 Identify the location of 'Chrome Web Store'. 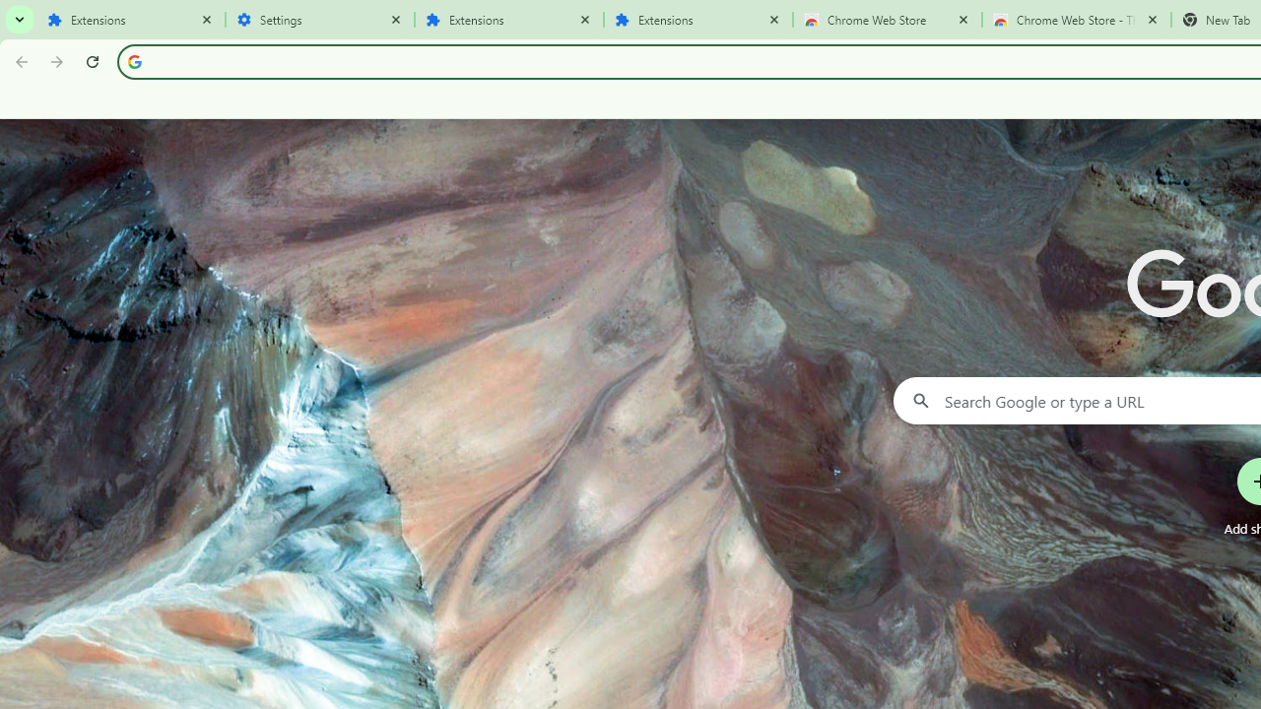
(887, 20).